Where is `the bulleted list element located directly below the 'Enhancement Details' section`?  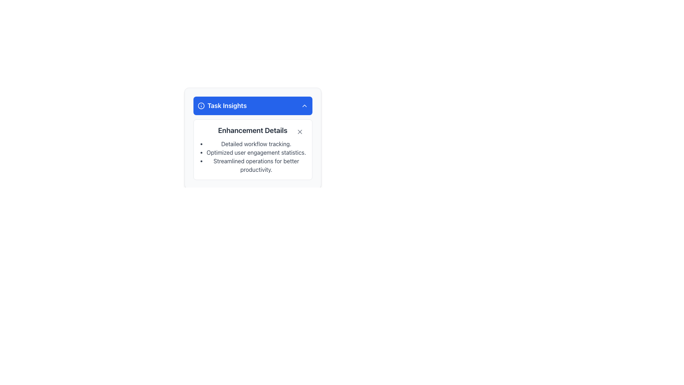 the bulleted list element located directly below the 'Enhancement Details' section is located at coordinates (253, 156).